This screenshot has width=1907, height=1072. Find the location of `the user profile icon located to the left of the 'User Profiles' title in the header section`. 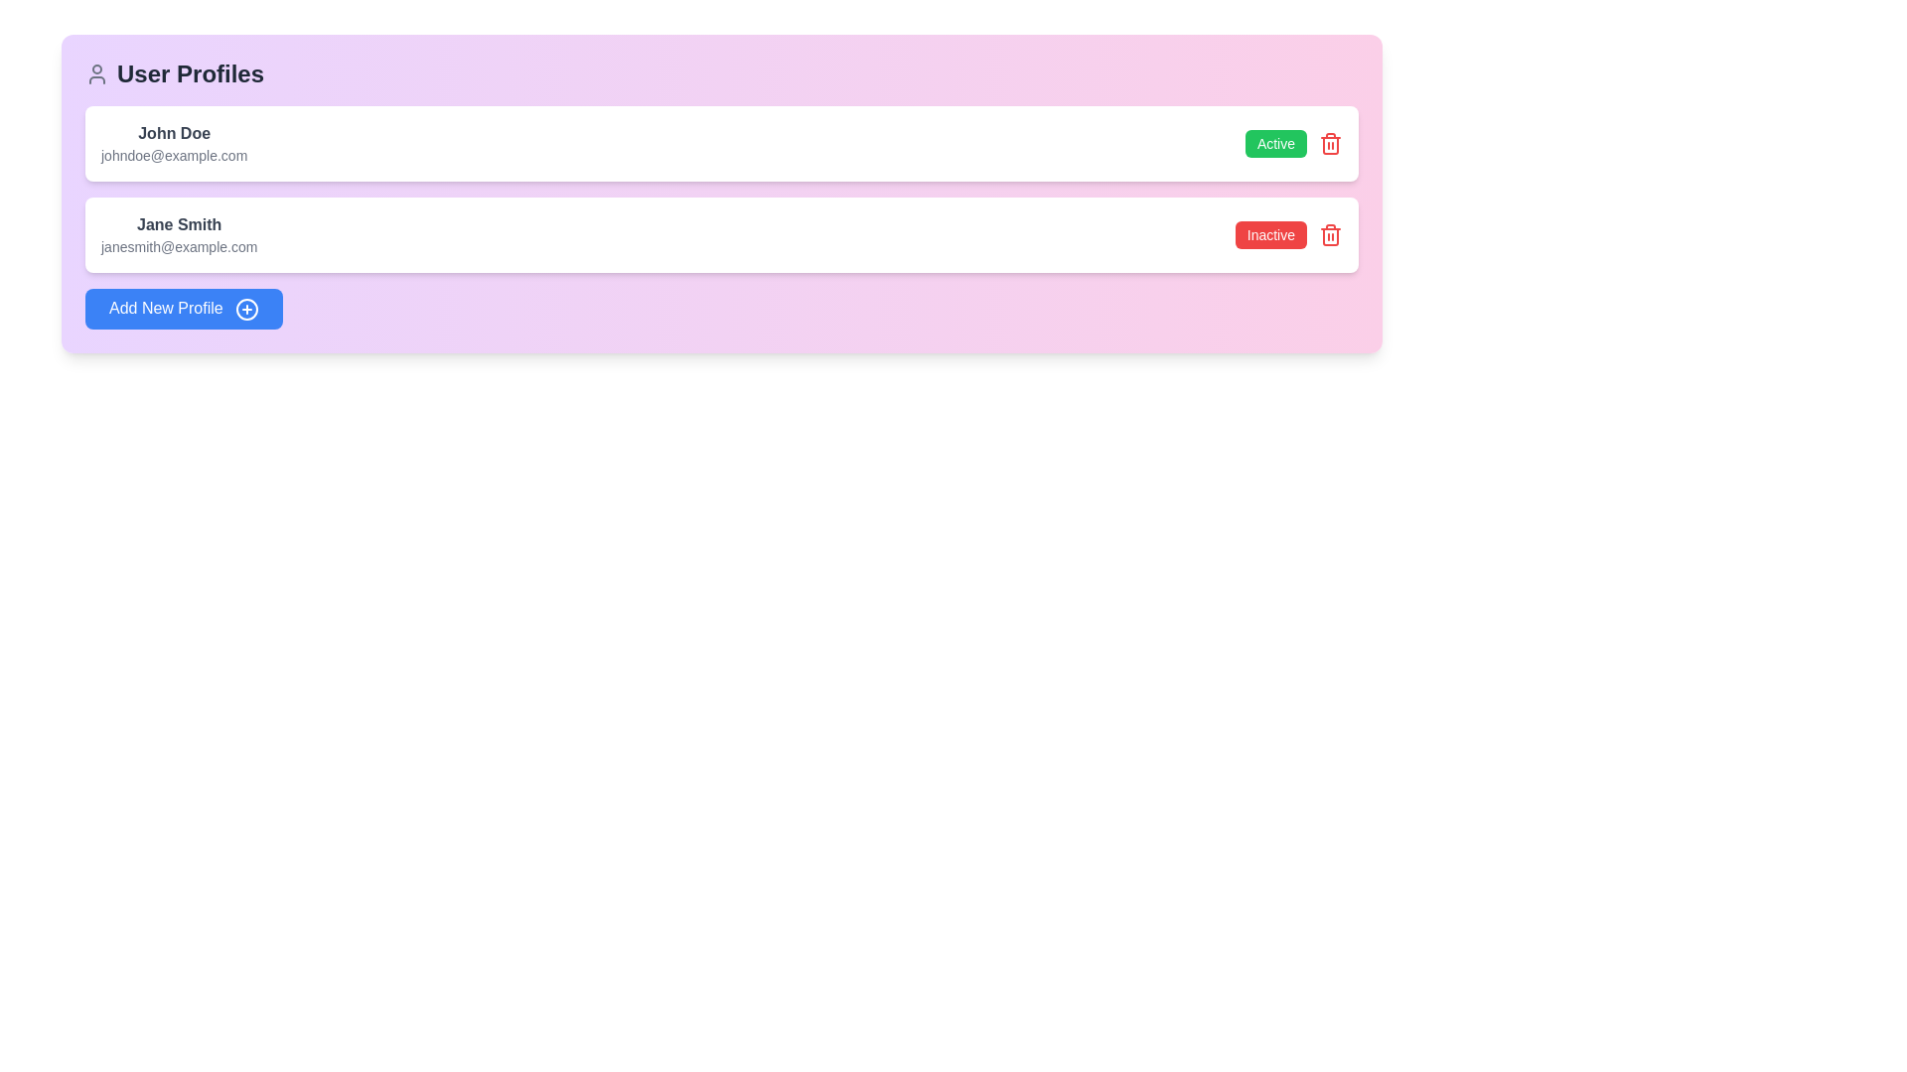

the user profile icon located to the left of the 'User Profiles' title in the header section is located at coordinates (95, 72).